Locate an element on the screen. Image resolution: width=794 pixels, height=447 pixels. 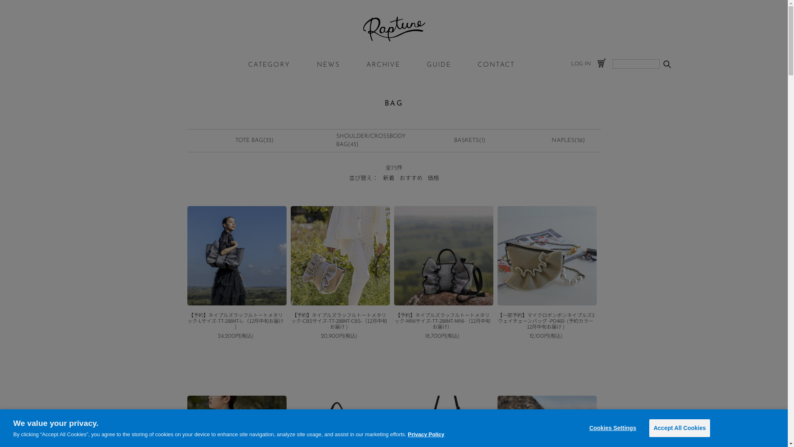
'LOG IN' is located at coordinates (580, 63).